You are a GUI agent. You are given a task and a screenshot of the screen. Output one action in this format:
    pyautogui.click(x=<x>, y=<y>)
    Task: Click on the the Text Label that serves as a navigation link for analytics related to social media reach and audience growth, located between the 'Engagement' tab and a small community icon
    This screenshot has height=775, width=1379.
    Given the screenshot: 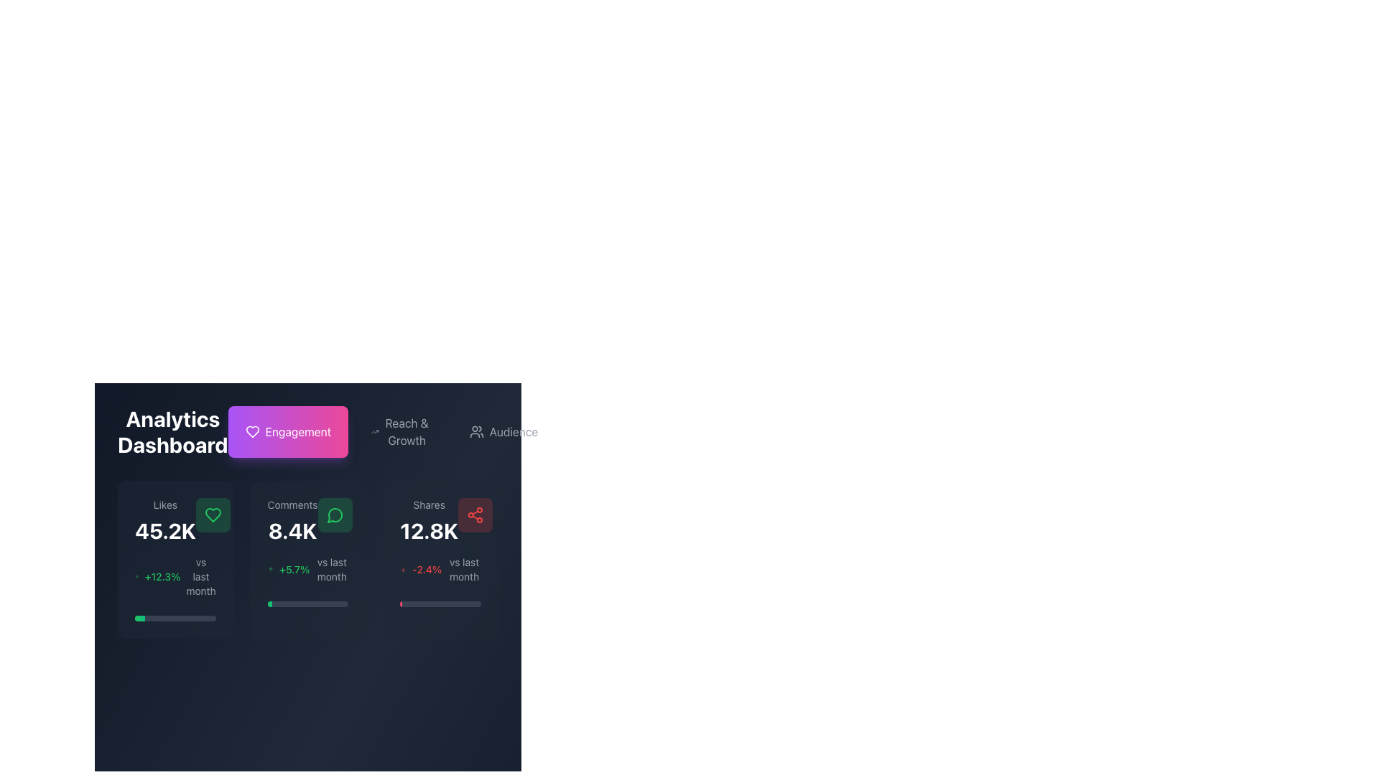 What is the action you would take?
    pyautogui.click(x=406, y=431)
    